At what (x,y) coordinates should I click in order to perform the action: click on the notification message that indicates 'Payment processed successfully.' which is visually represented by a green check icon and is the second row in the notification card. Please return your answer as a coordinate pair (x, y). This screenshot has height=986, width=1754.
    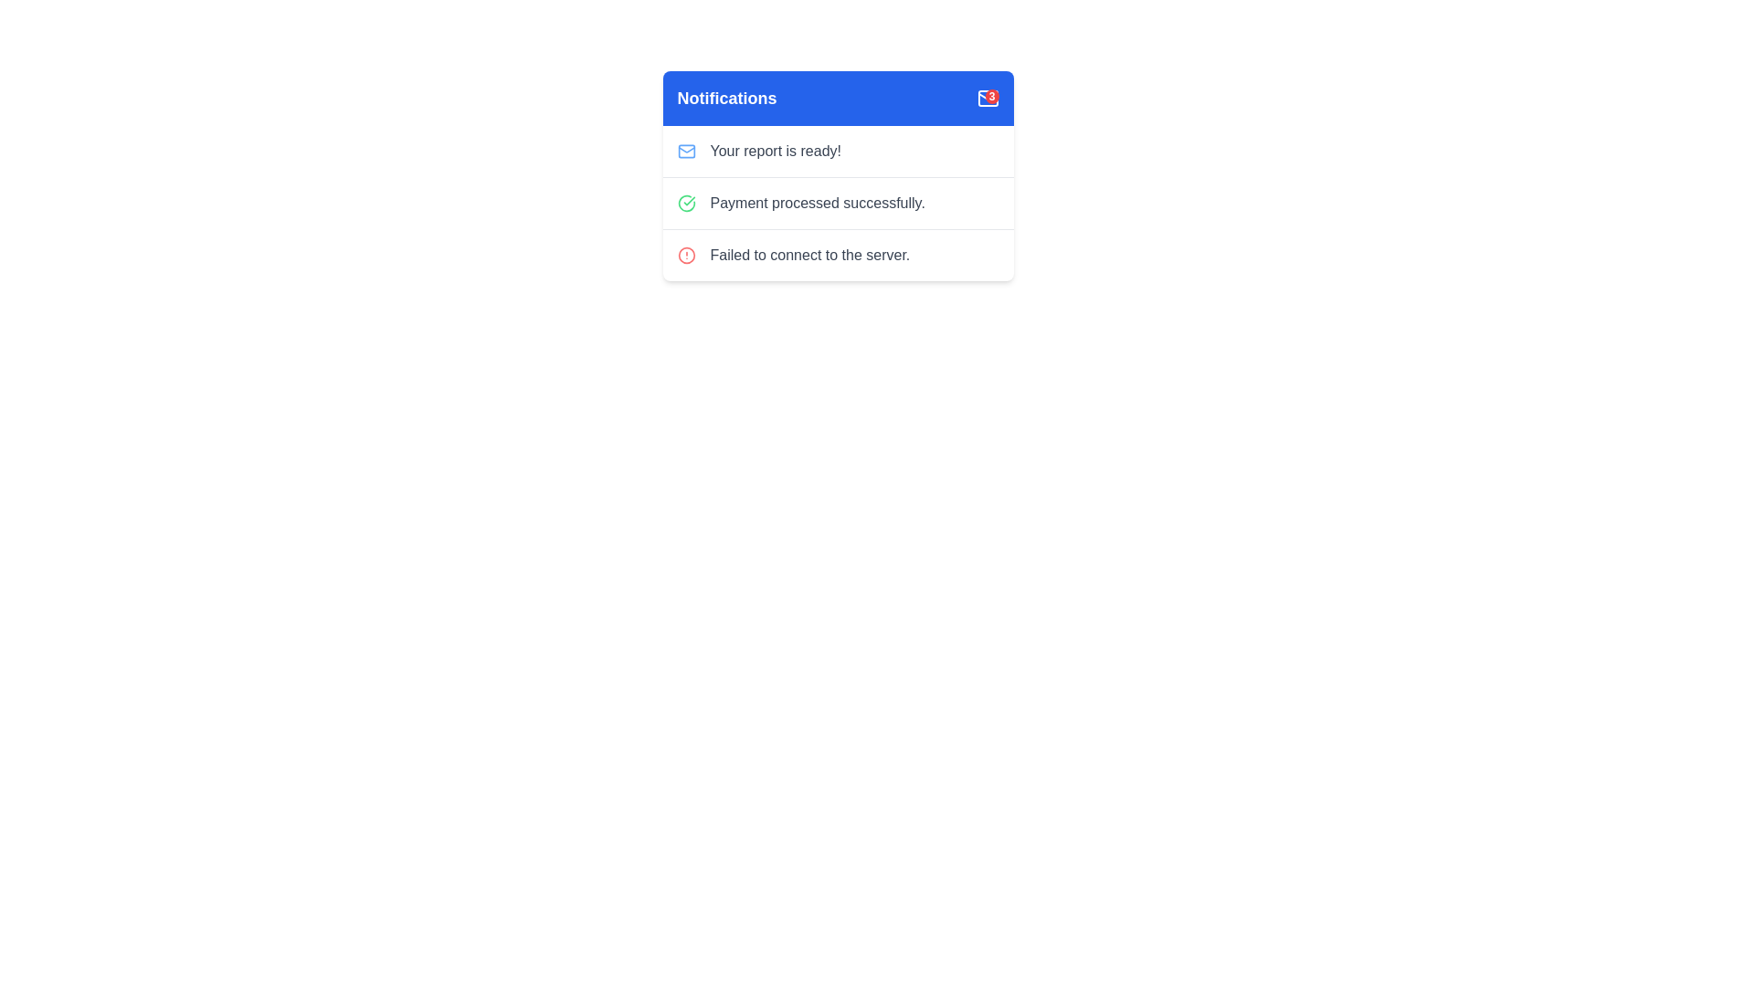
    Looking at the image, I should click on (837, 203).